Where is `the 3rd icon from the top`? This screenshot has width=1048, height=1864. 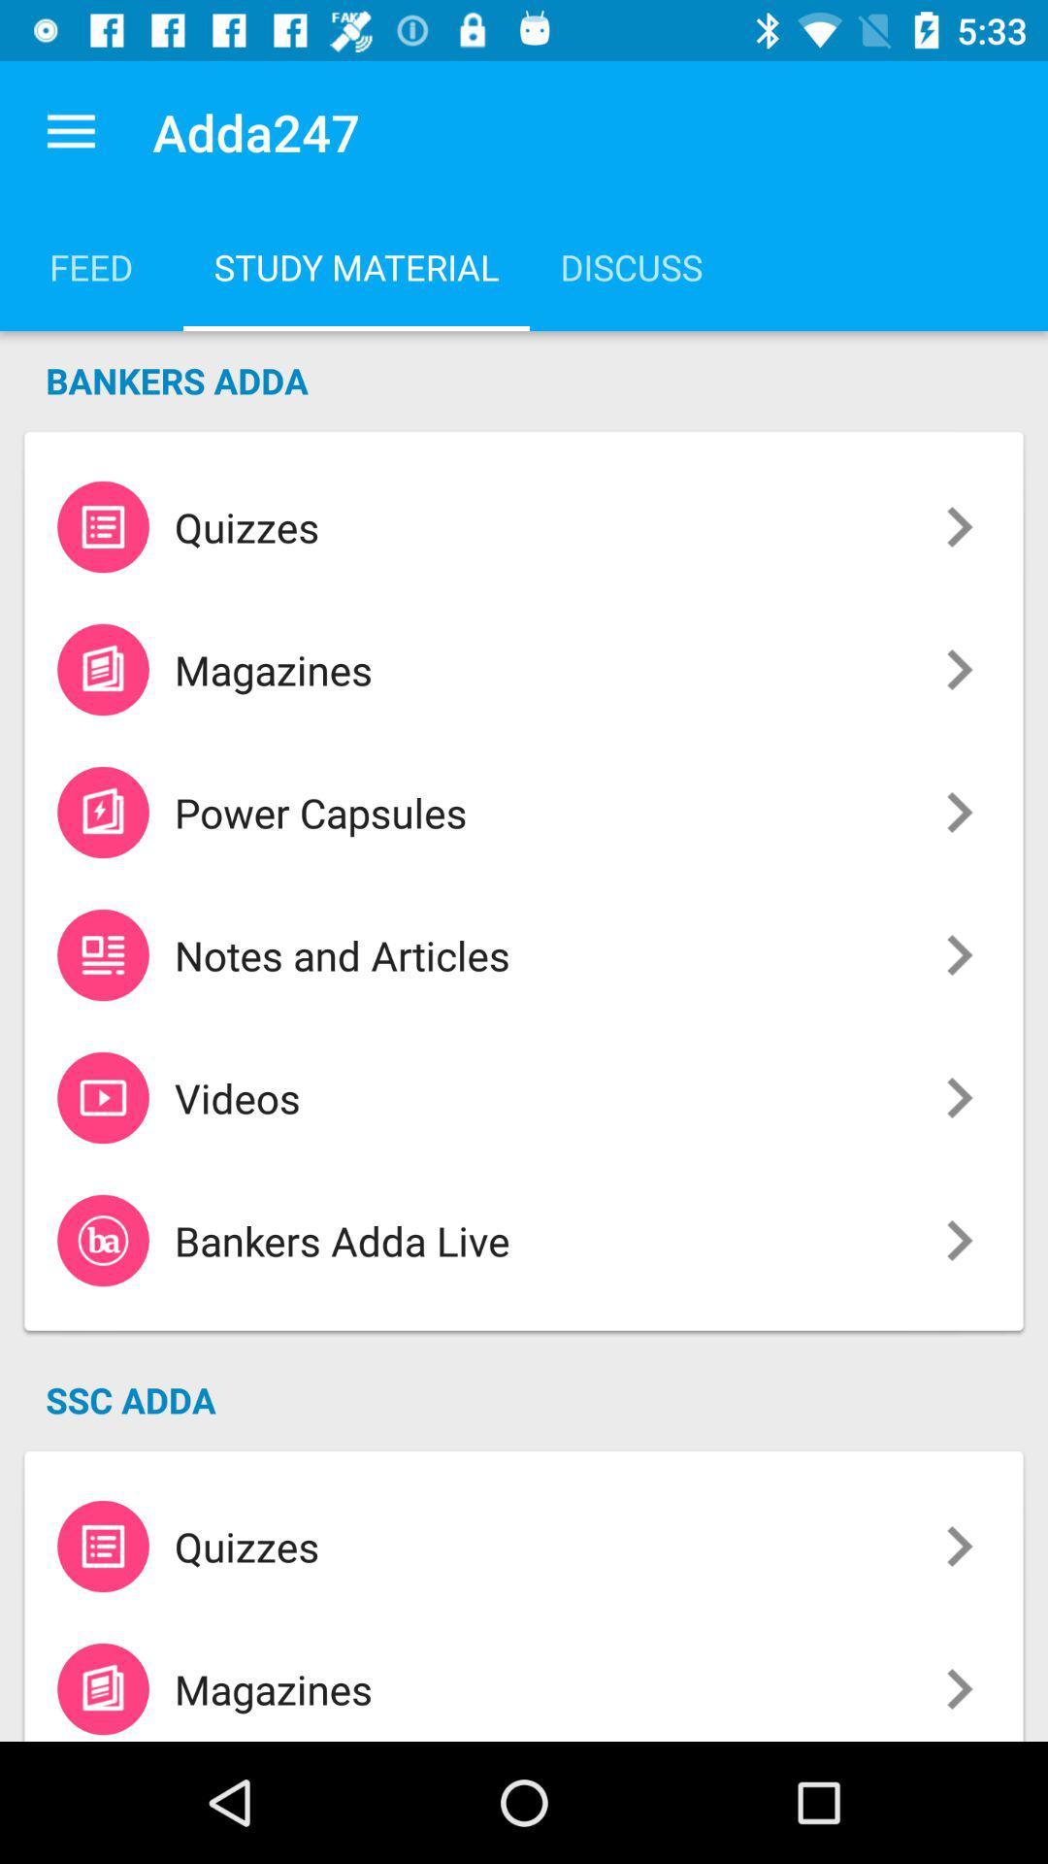 the 3rd icon from the top is located at coordinates (103, 812).